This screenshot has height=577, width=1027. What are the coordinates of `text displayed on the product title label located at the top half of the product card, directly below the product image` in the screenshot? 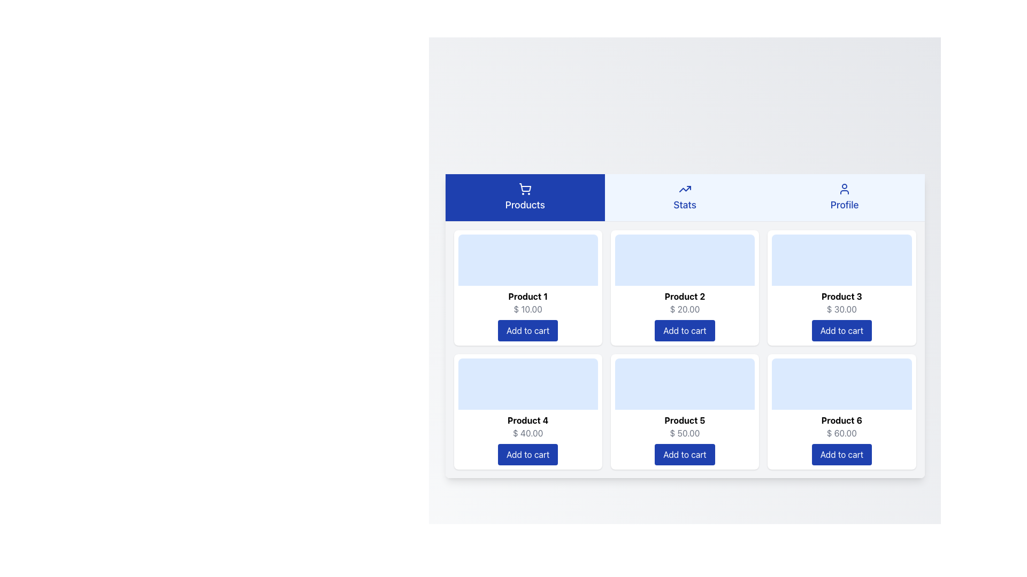 It's located at (685, 419).